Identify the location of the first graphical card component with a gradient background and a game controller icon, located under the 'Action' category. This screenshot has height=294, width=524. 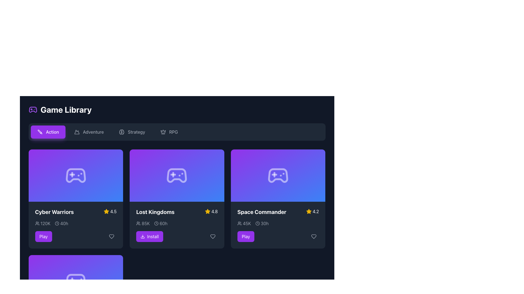
(75, 175).